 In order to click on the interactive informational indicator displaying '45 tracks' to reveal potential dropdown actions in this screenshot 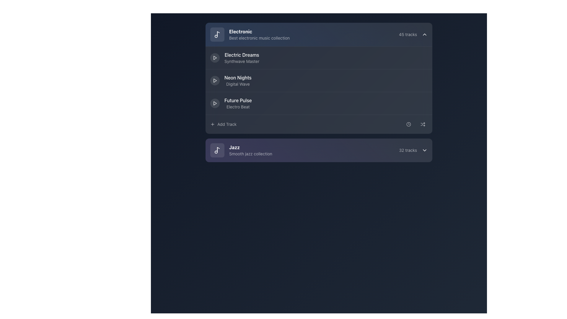, I will do `click(413, 34)`.